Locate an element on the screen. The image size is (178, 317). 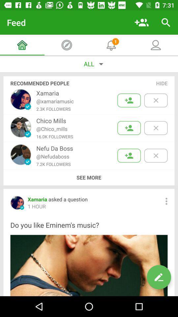
person is located at coordinates (129, 127).